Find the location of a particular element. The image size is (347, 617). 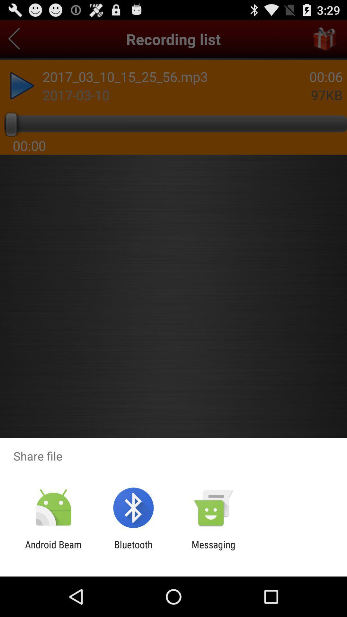

item to the left of the messaging item is located at coordinates (133, 550).